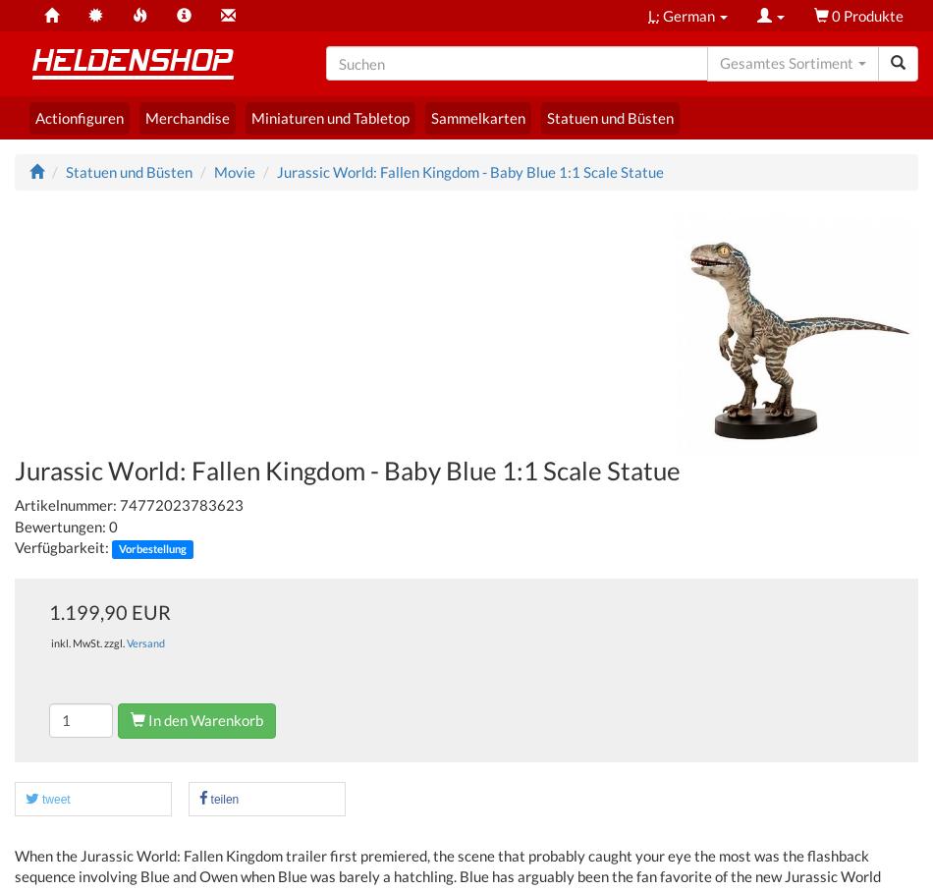 The height and width of the screenshot is (891, 933). I want to click on '74772023783623', so click(181, 503).